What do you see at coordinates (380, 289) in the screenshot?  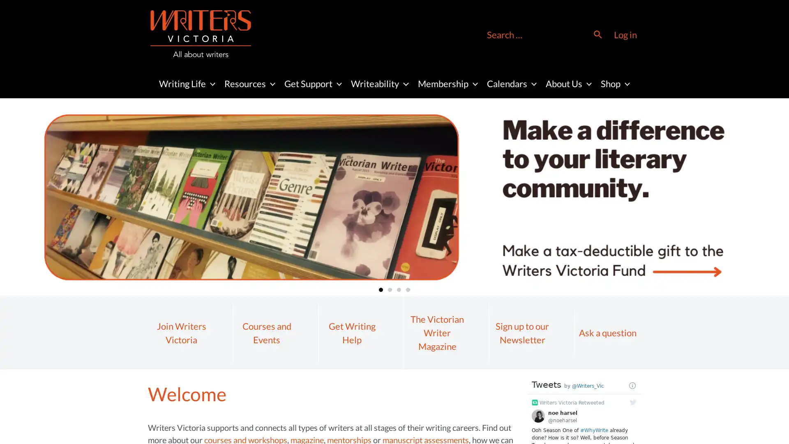 I see `Go to slide 1` at bounding box center [380, 289].